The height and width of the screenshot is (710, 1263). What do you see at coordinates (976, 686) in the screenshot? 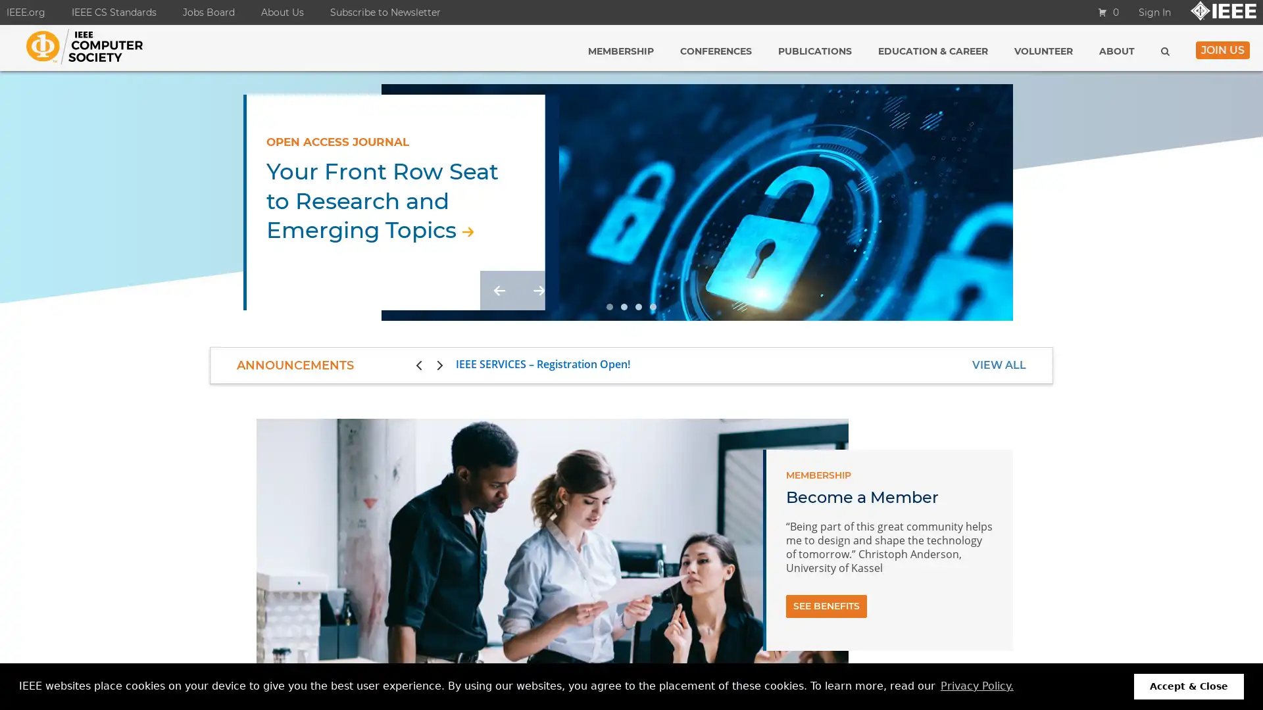
I see `learn more about cookies` at bounding box center [976, 686].